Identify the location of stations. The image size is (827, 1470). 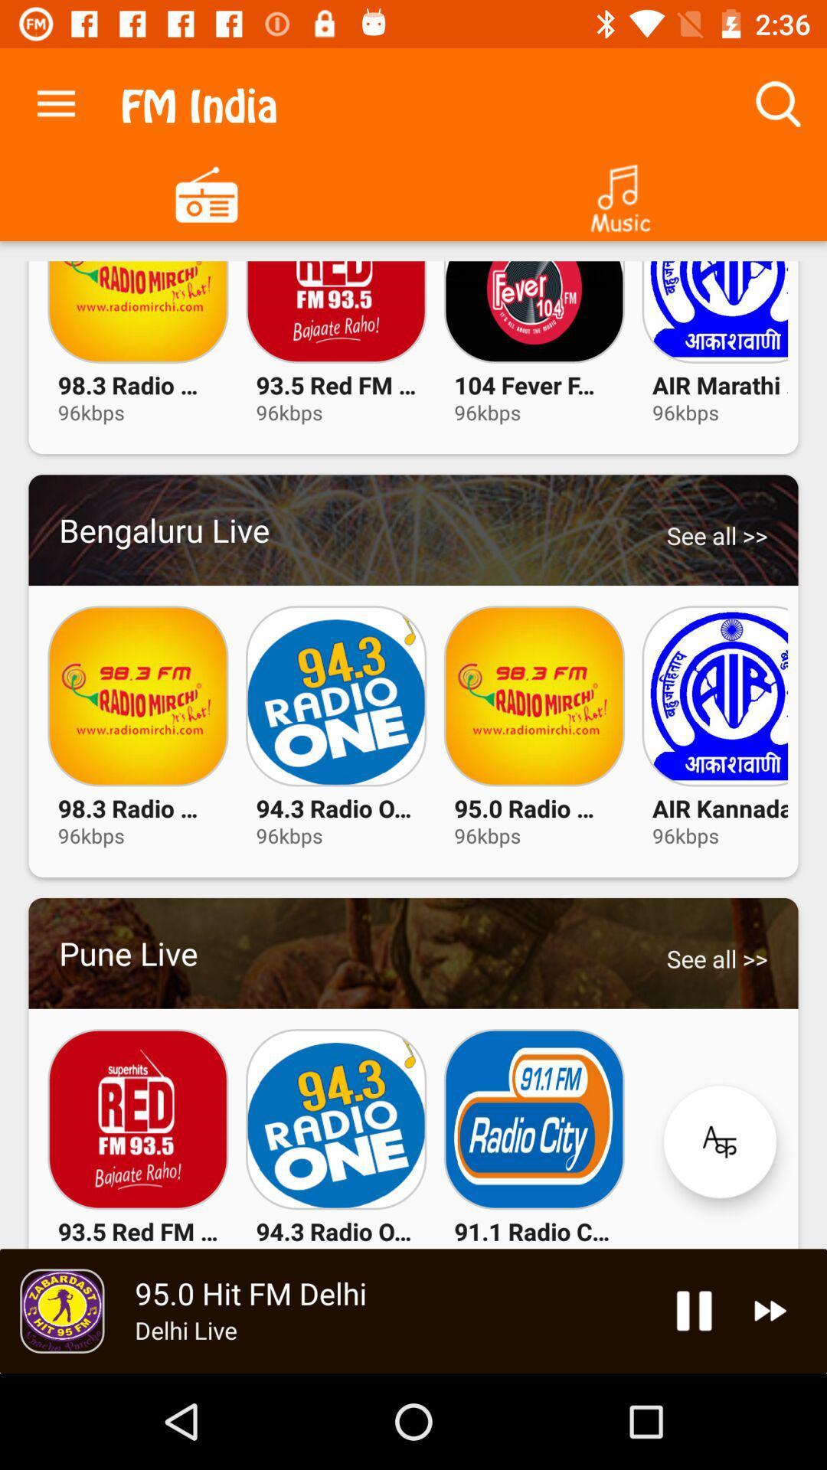
(207, 192).